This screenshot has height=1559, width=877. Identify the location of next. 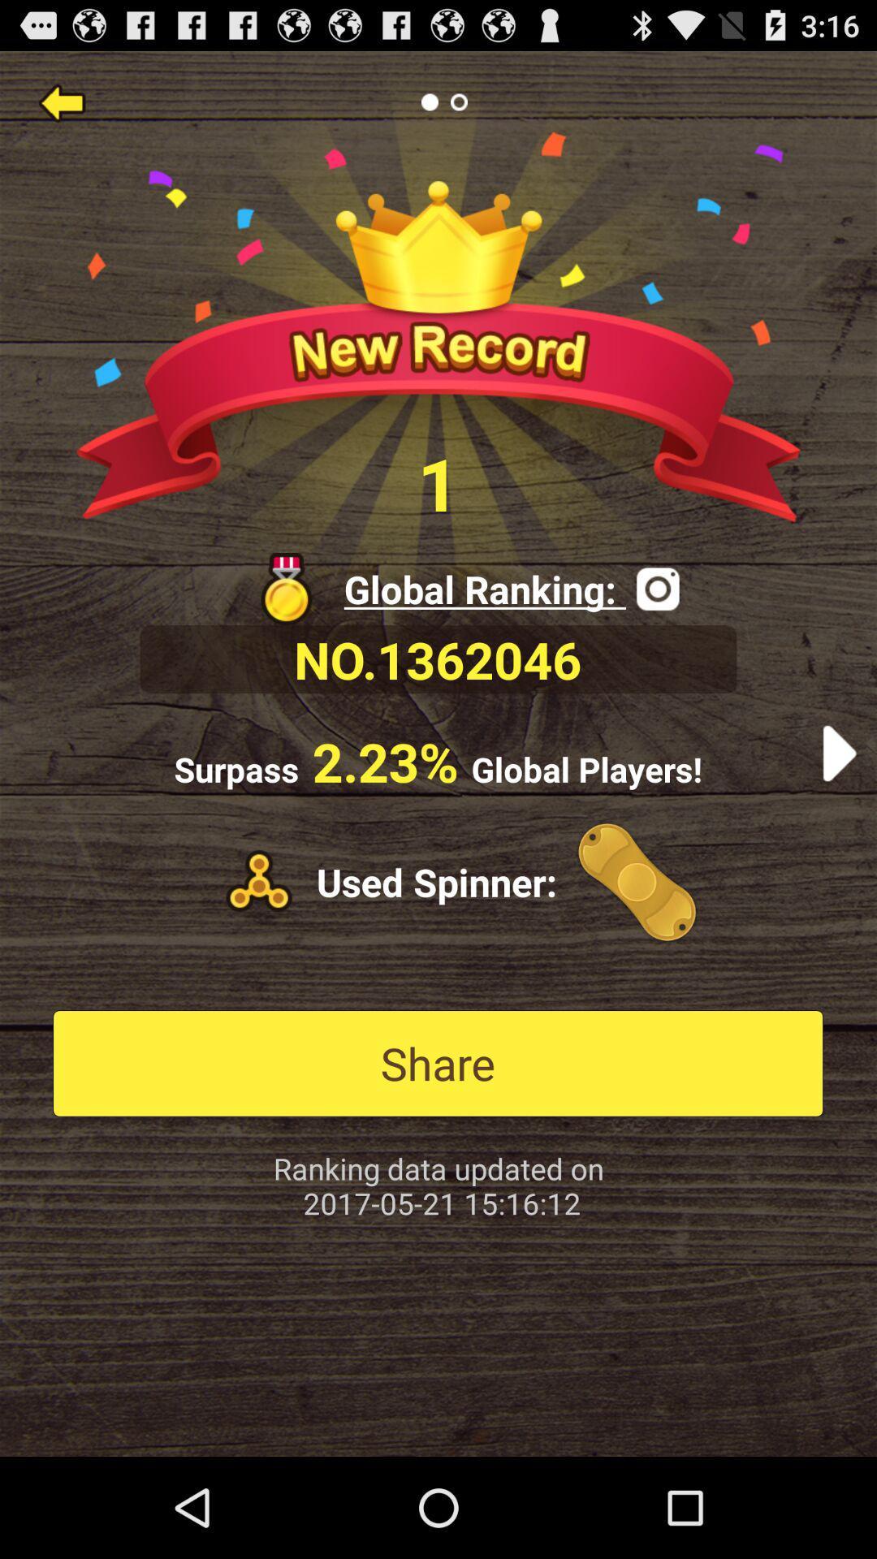
(839, 753).